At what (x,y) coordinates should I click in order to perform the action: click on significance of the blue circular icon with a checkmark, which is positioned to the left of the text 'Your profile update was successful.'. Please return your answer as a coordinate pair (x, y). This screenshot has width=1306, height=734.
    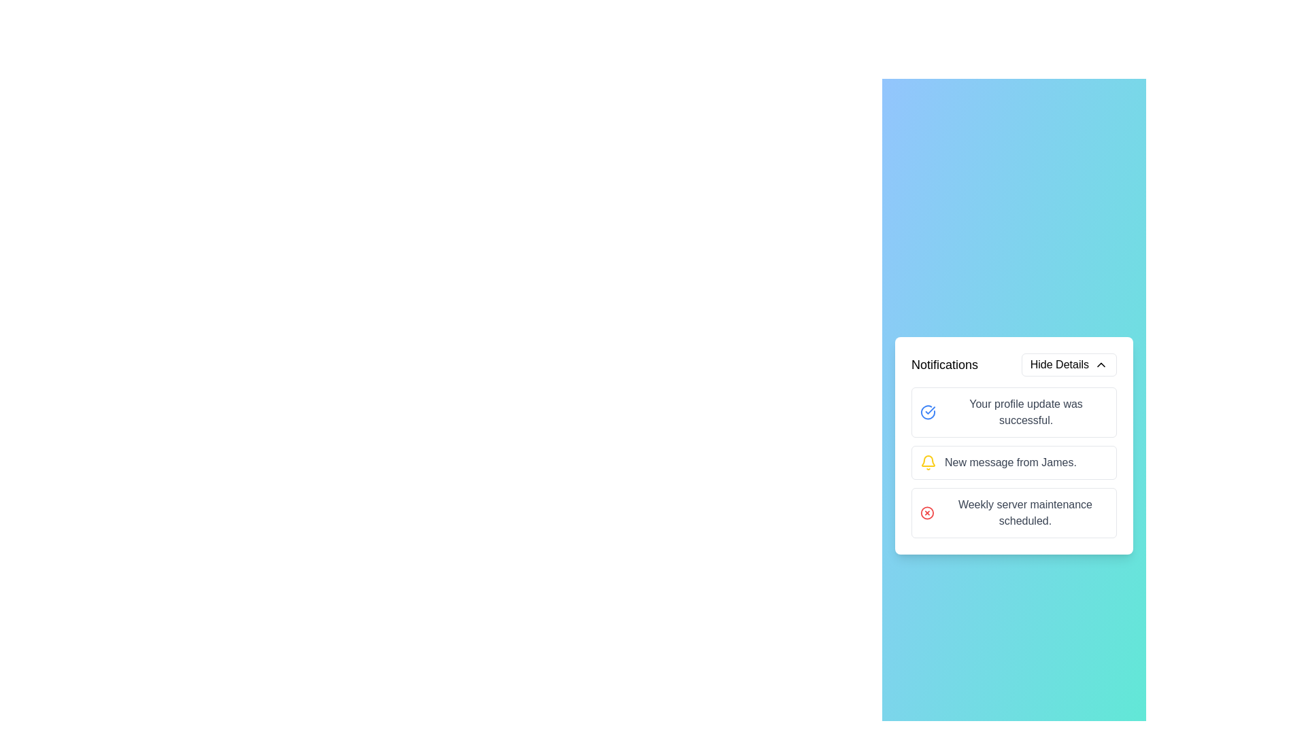
    Looking at the image, I should click on (927, 411).